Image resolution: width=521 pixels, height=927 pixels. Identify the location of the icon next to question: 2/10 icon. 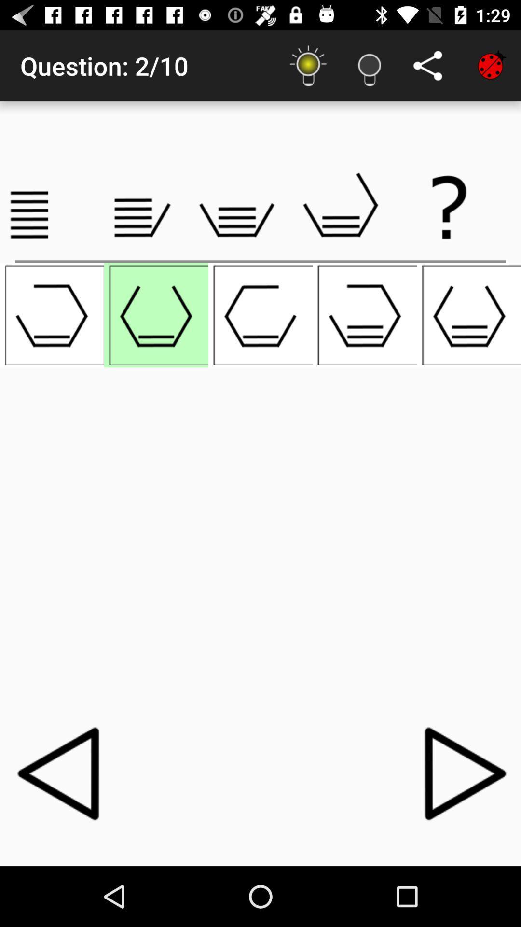
(308, 65).